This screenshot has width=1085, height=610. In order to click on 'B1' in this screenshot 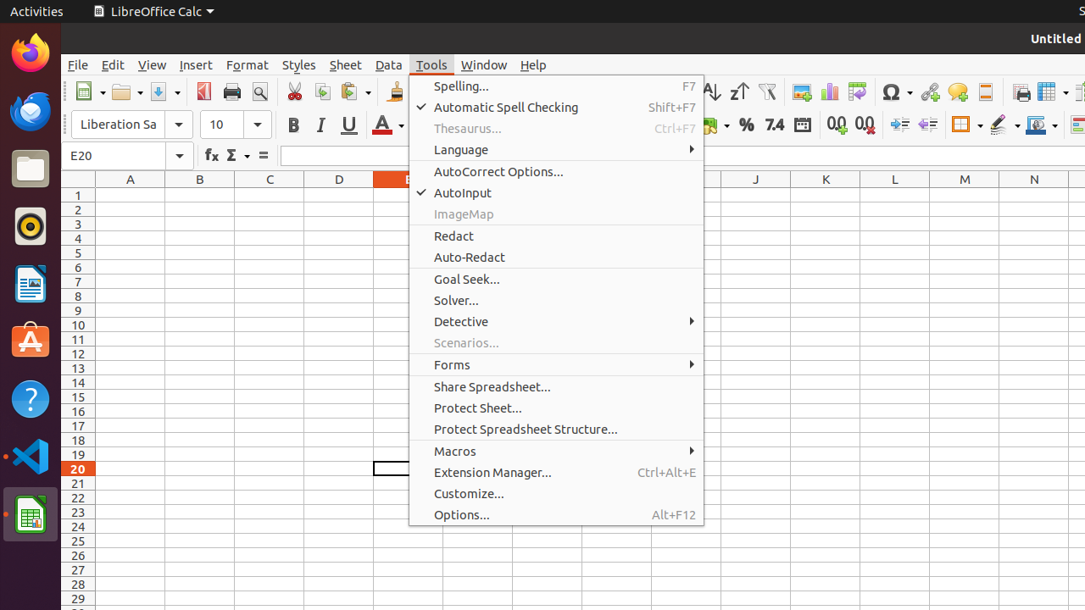, I will do `click(200, 194)`.